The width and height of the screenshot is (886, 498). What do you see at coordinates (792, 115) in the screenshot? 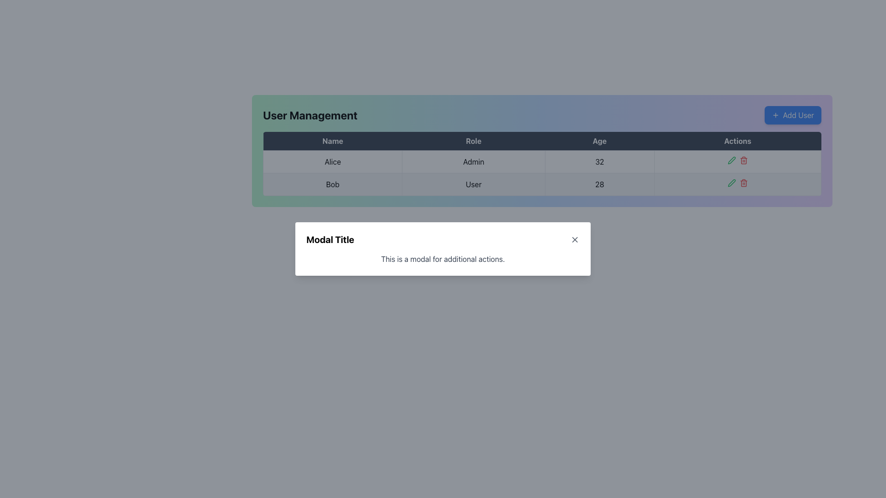
I see `the 'Add User' button located at the top-right side of the 'User Management' panel` at bounding box center [792, 115].